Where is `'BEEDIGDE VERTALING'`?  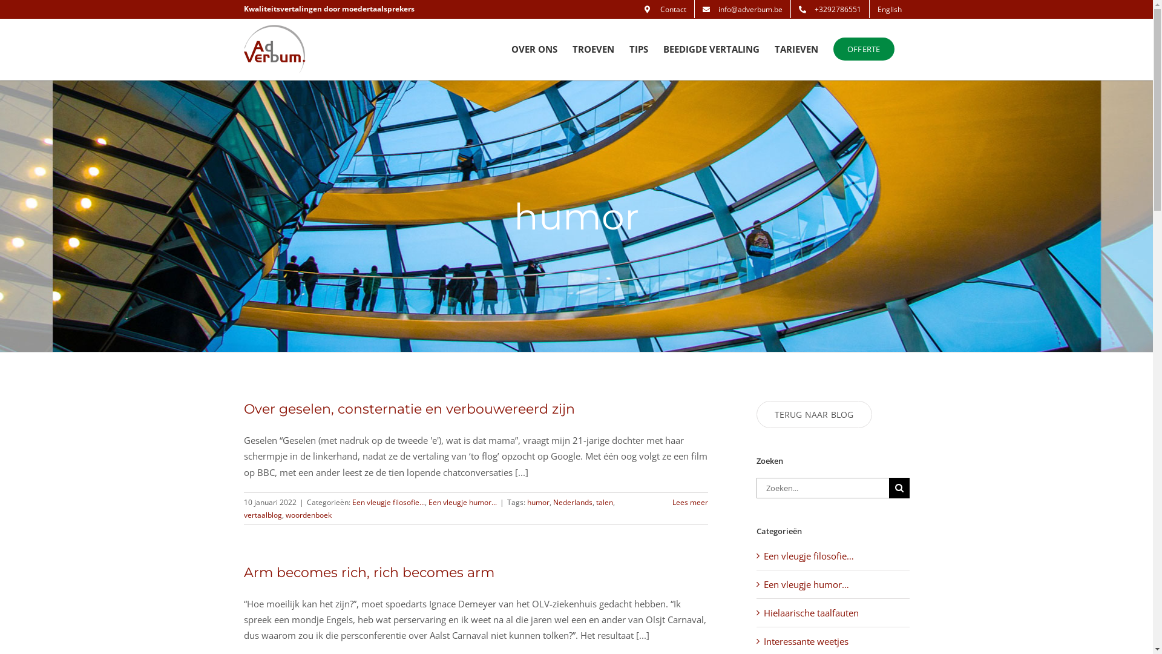
'BEEDIGDE VERTALING' is located at coordinates (711, 48).